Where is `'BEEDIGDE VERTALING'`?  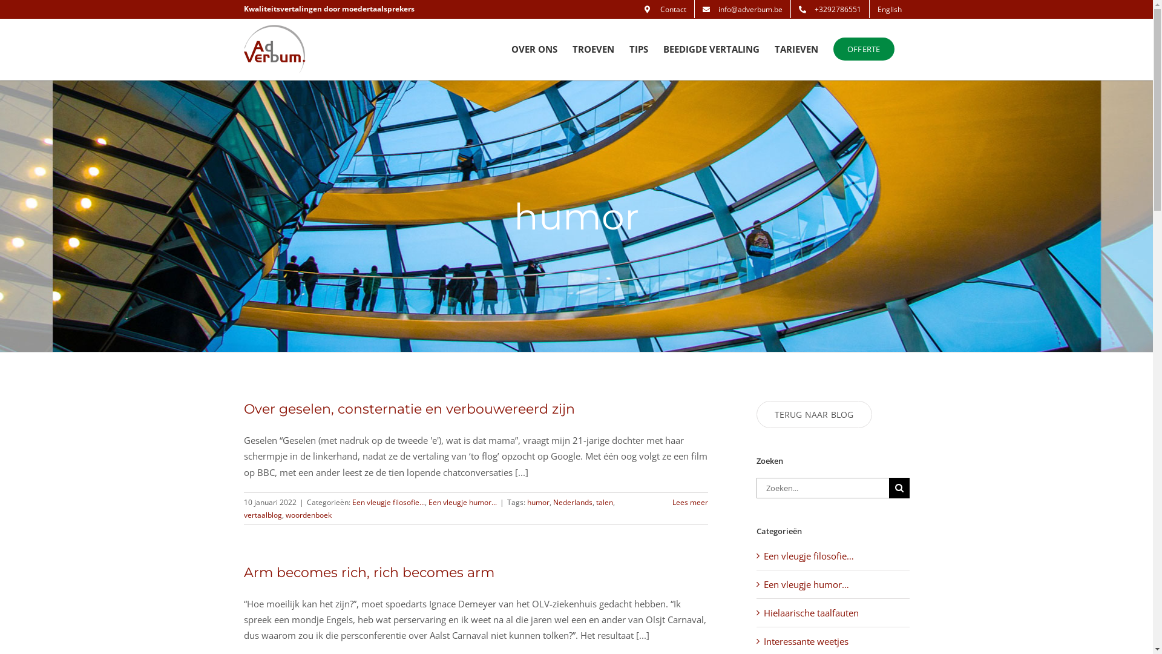
'BEEDIGDE VERTALING' is located at coordinates (711, 48).